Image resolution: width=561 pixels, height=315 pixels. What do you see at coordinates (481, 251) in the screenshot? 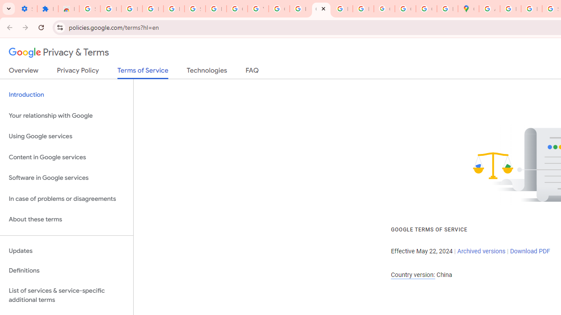
I see `'Archived versions'` at bounding box center [481, 251].